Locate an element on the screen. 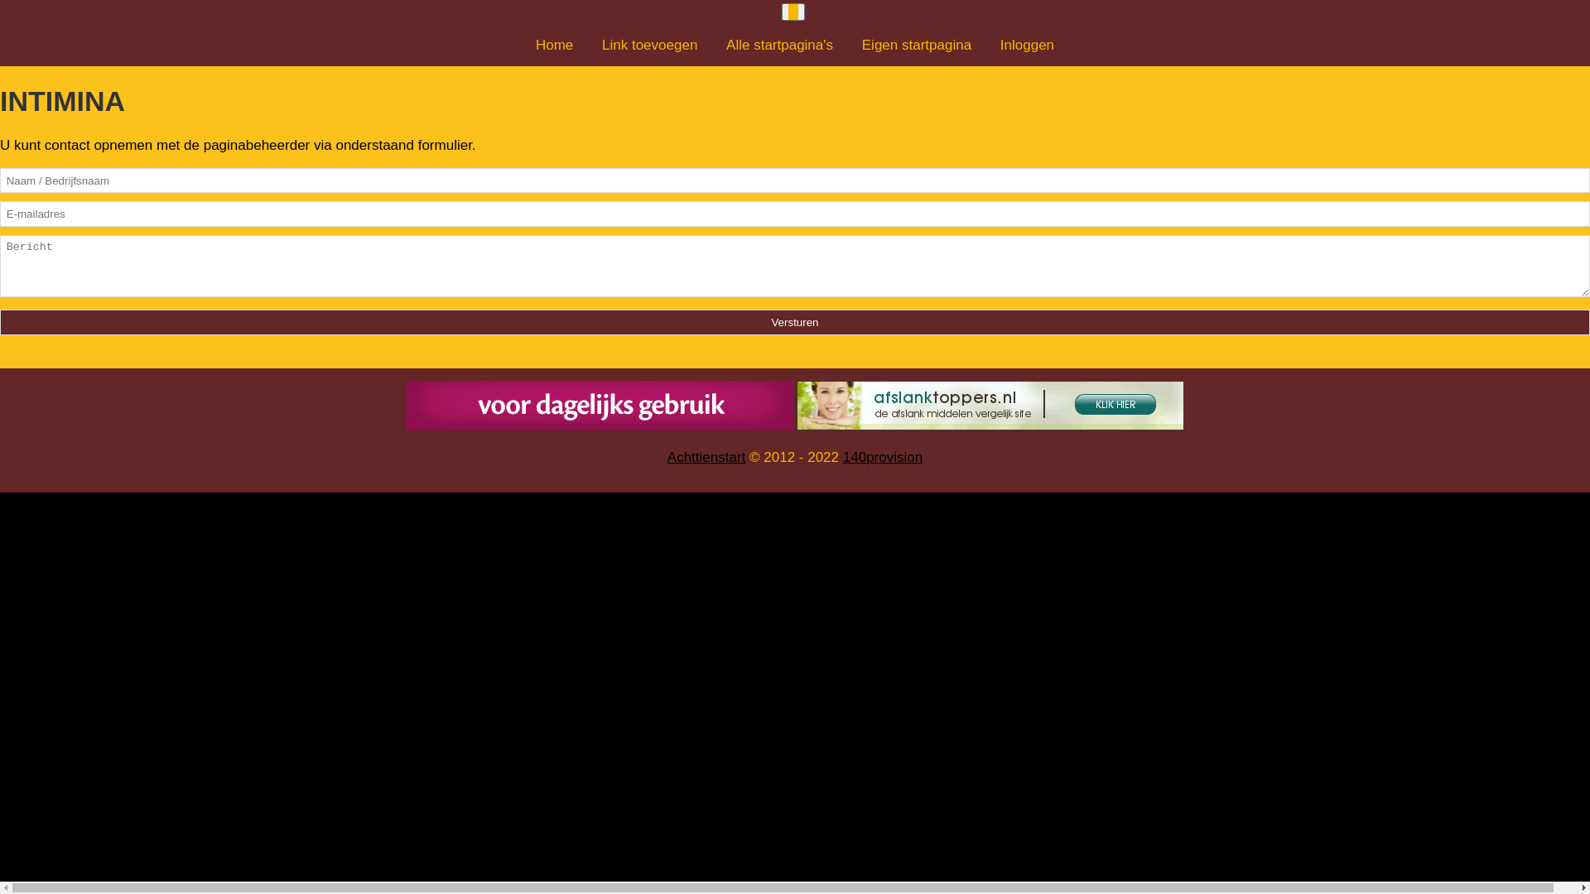 Image resolution: width=1590 pixels, height=894 pixels. 'Link toevoegen' is located at coordinates (589, 44).